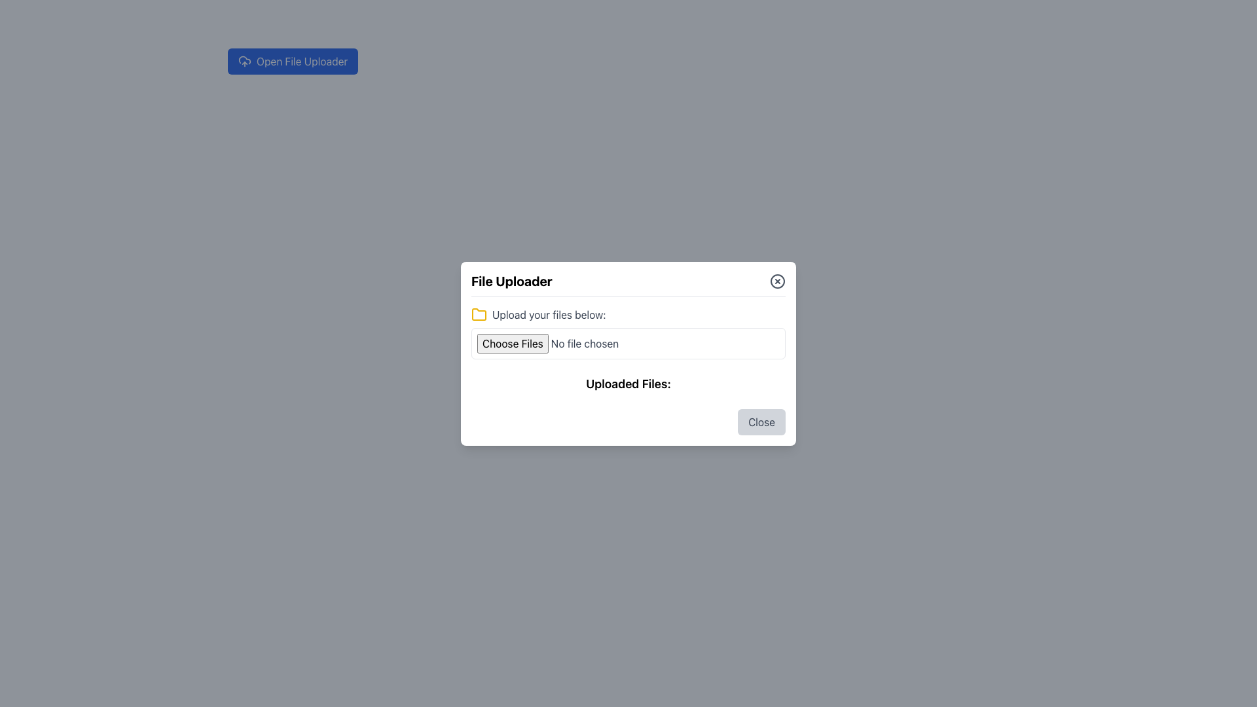  I want to click on the close button graphical icon located at the top-right corner of the modal window's header area, so click(778, 280).